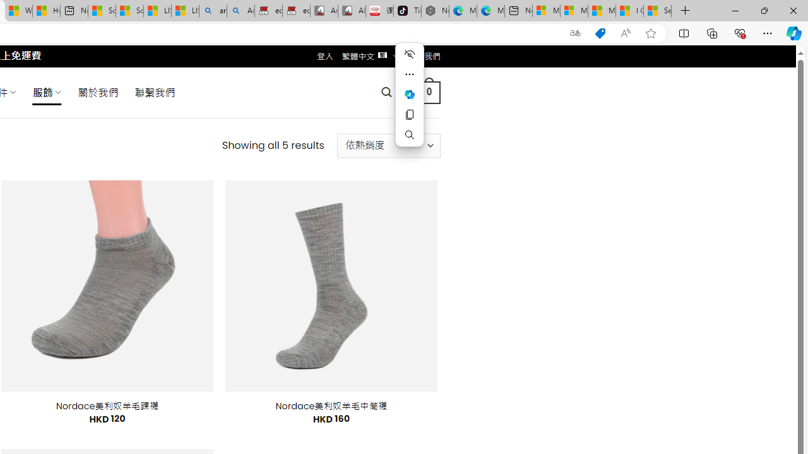 This screenshot has height=454, width=808. Describe the element at coordinates (626, 33) in the screenshot. I see `'Read aloud this page (Ctrl+Shift+U)'` at that location.